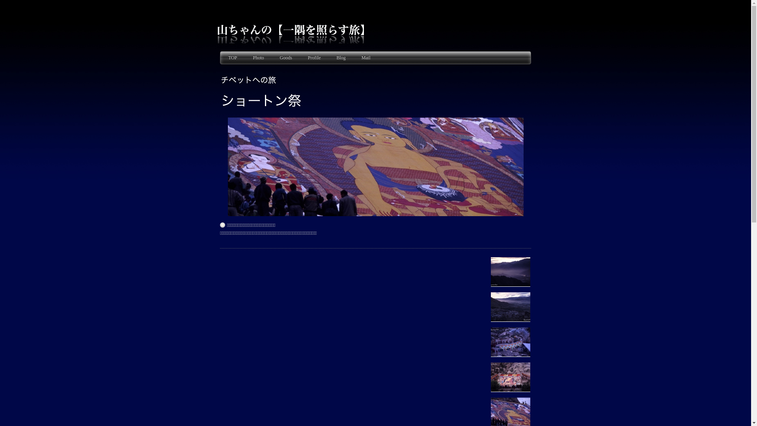 The height and width of the screenshot is (426, 757). I want to click on 'Goods', so click(285, 57).